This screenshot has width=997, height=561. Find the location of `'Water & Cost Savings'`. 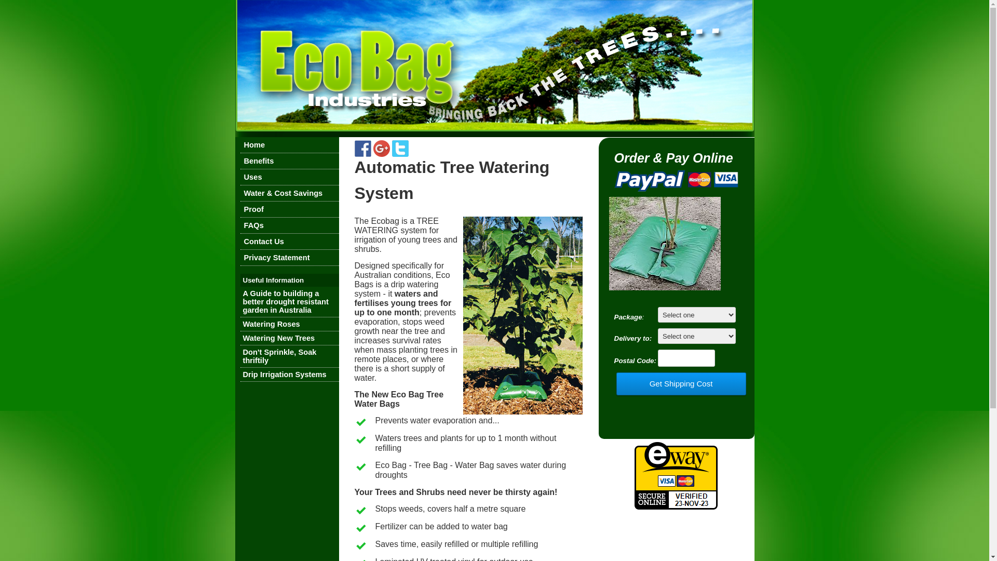

'Water & Cost Savings' is located at coordinates (284, 193).